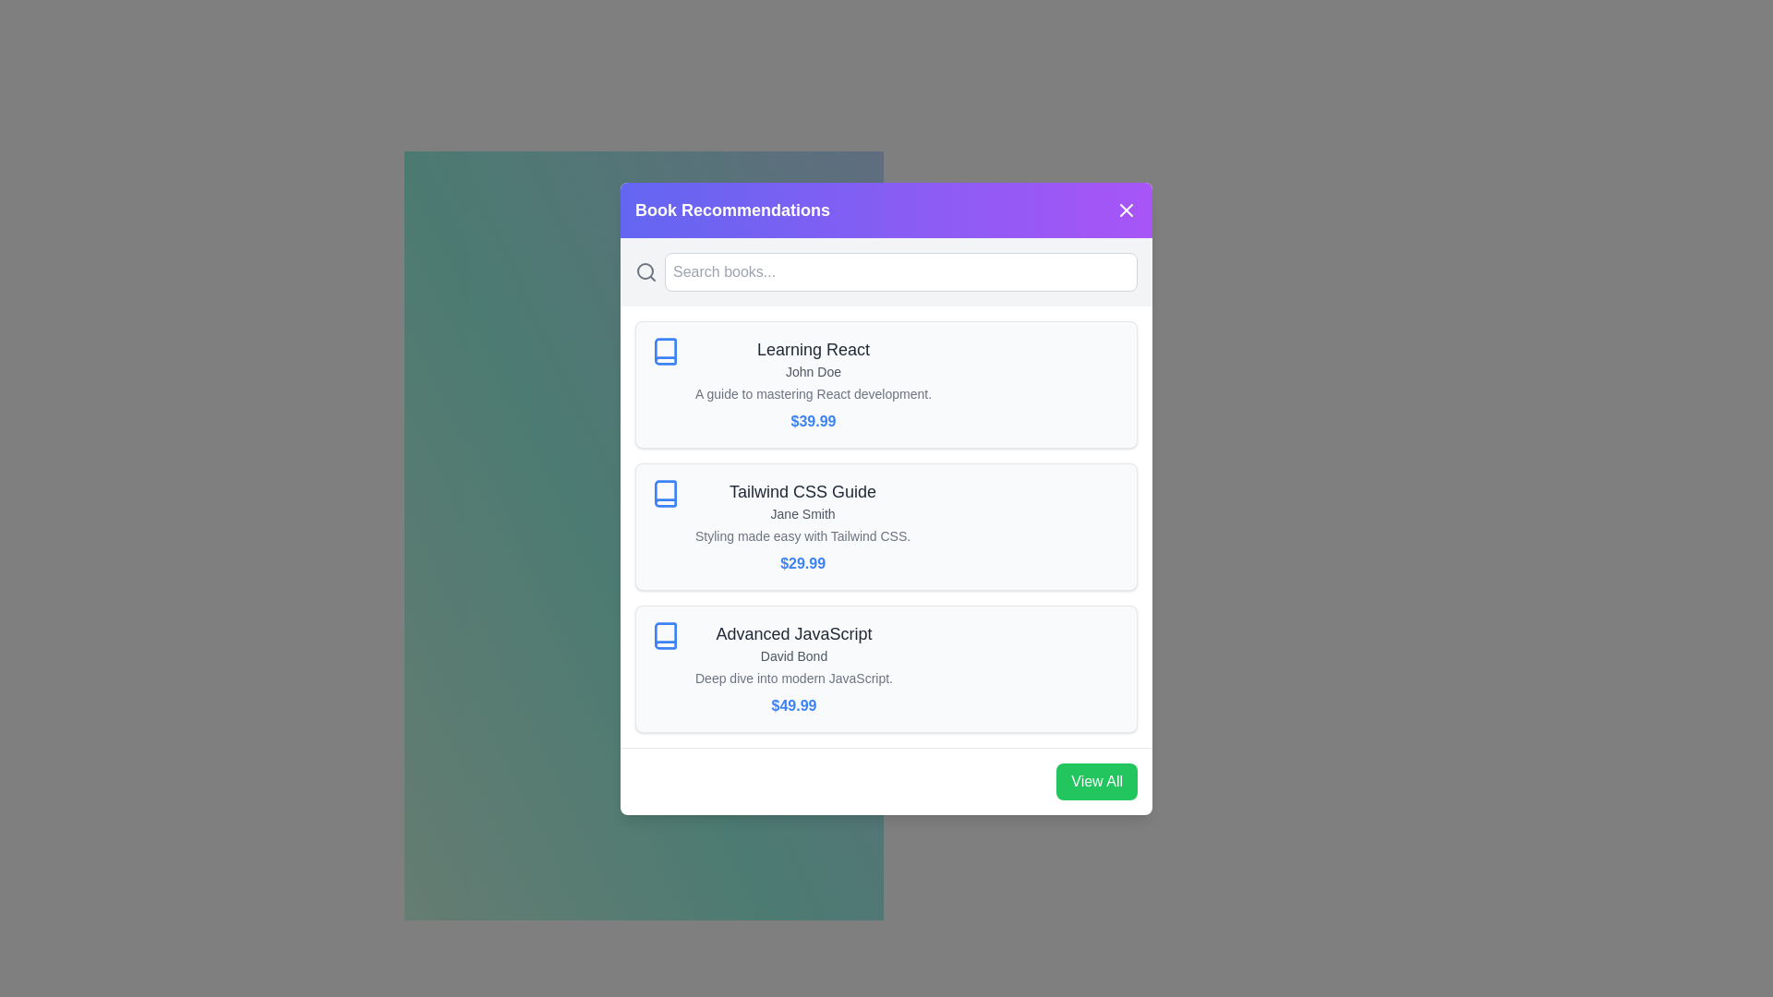 The image size is (1773, 997). I want to click on the 'X' shaped button in the top-right corner of the modal interface, so click(1125, 209).